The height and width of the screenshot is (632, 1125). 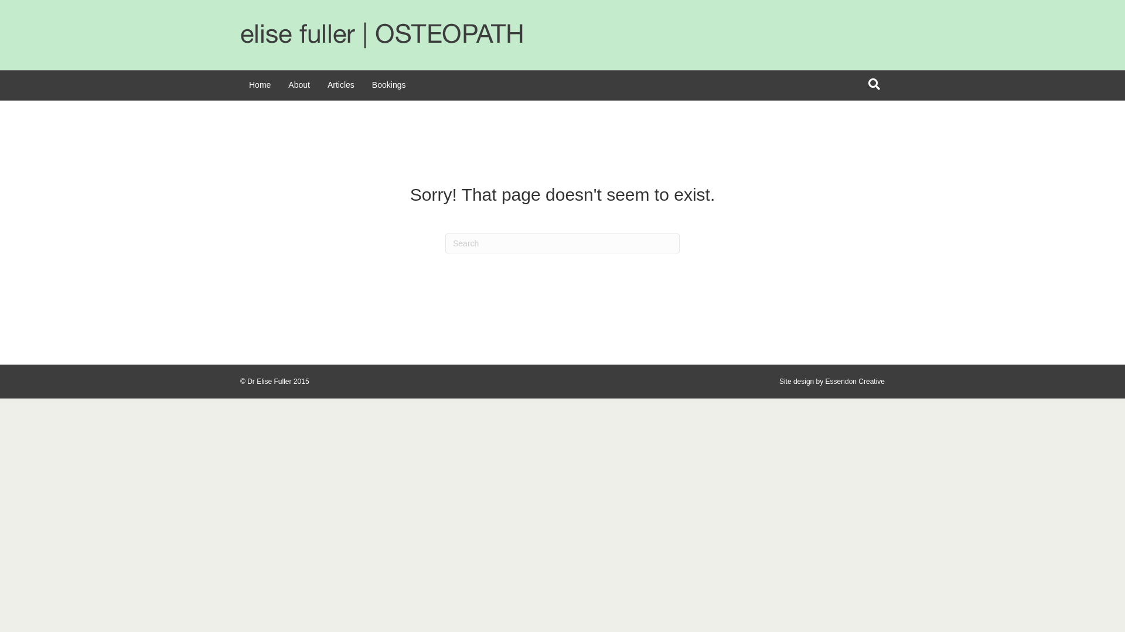 I want to click on 'Type and press Enter to search.', so click(x=562, y=243).